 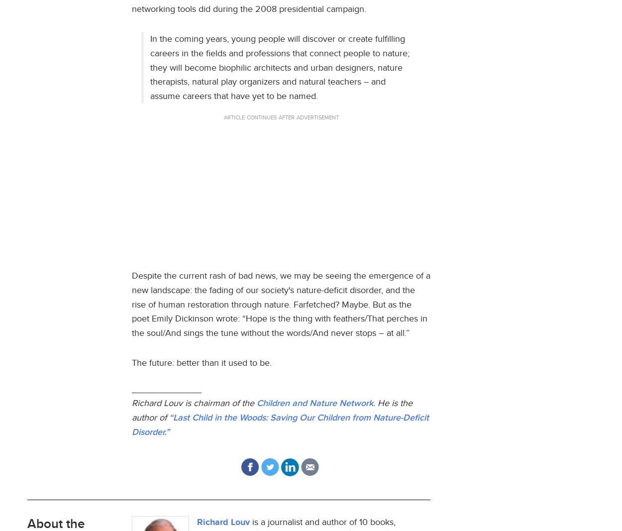 What do you see at coordinates (280, 66) in the screenshot?
I see `'In the coming years, young people will discover or create fulfilling careers in the fields and professions that connect people to nature; they will become biophilic architects and urban designers, nature therapists, natural play organizers and natural teachers -- and assume careers that have yet to be named.'` at bounding box center [280, 66].